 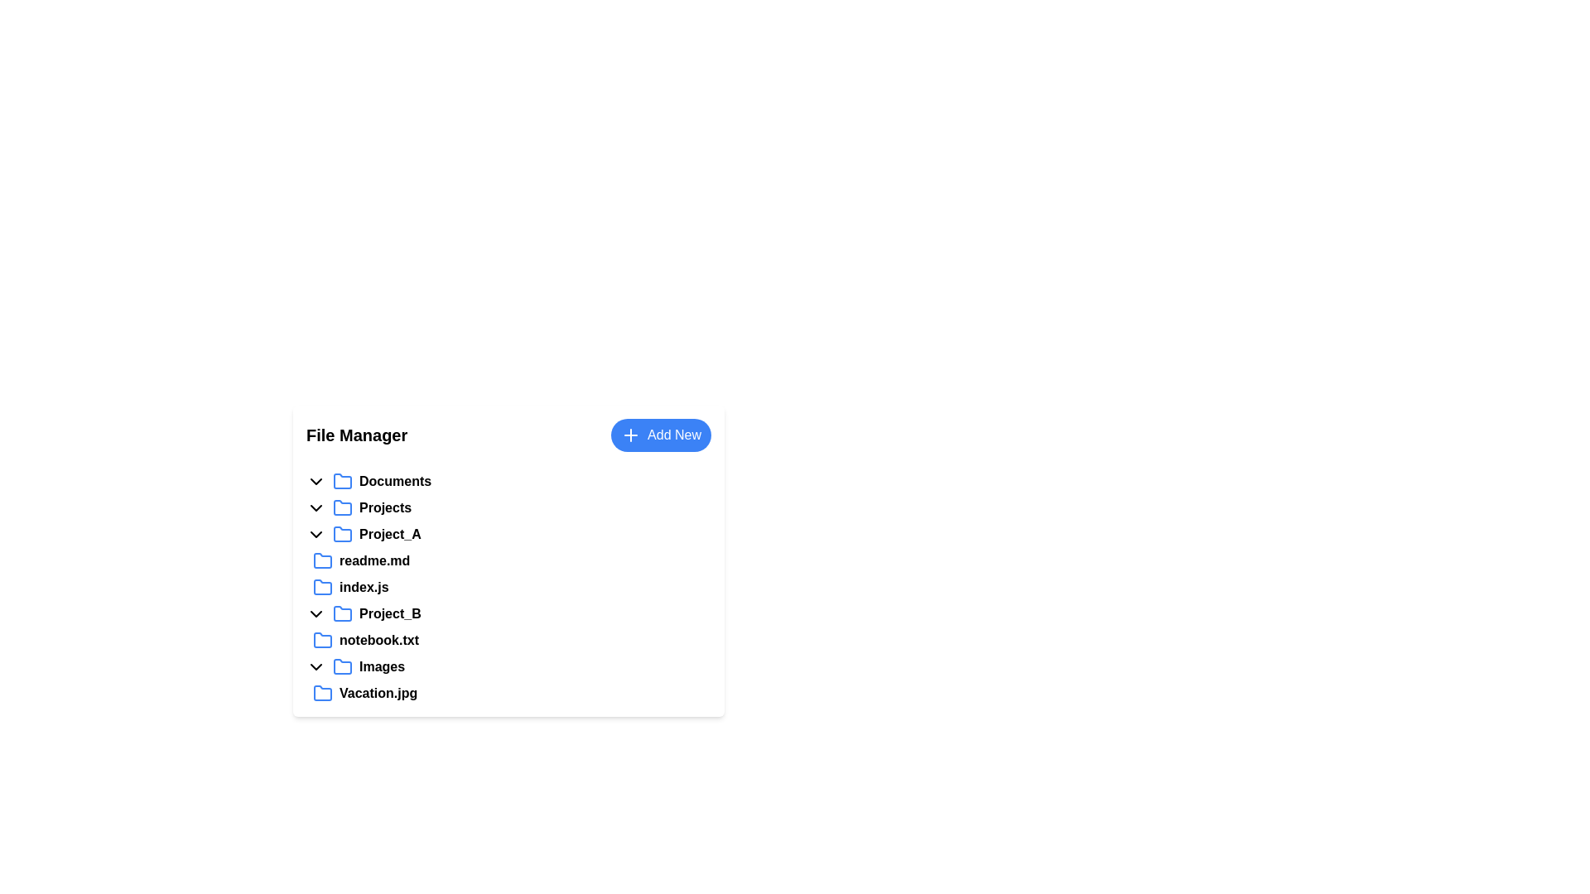 What do you see at coordinates (316, 507) in the screenshot?
I see `the Chevron Down icon` at bounding box center [316, 507].